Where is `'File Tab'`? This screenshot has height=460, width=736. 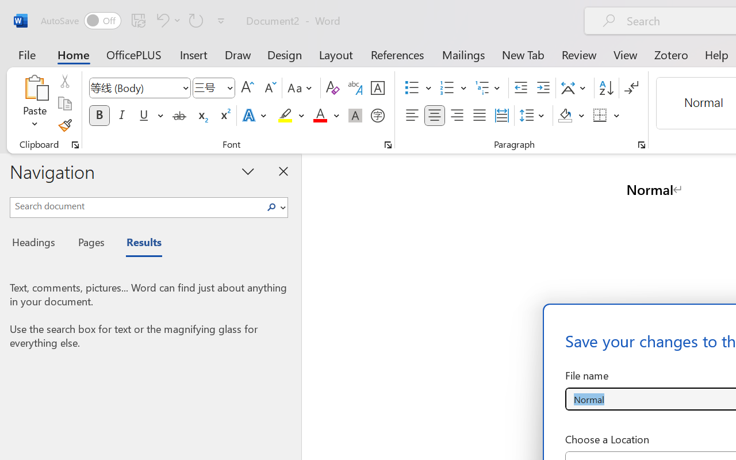 'File Tab' is located at coordinates (26, 54).